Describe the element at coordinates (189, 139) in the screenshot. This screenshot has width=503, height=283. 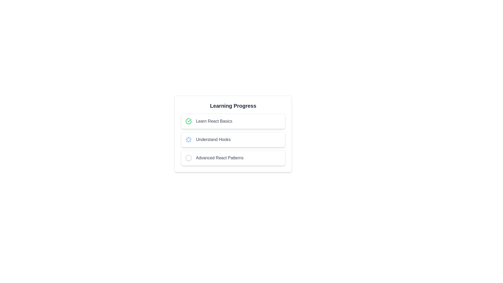
I see `the spinning loader icon indicating that the item 'Understand Hooks' is currently in progress, located to the left of the text in the 'Learning Progress' list` at that location.